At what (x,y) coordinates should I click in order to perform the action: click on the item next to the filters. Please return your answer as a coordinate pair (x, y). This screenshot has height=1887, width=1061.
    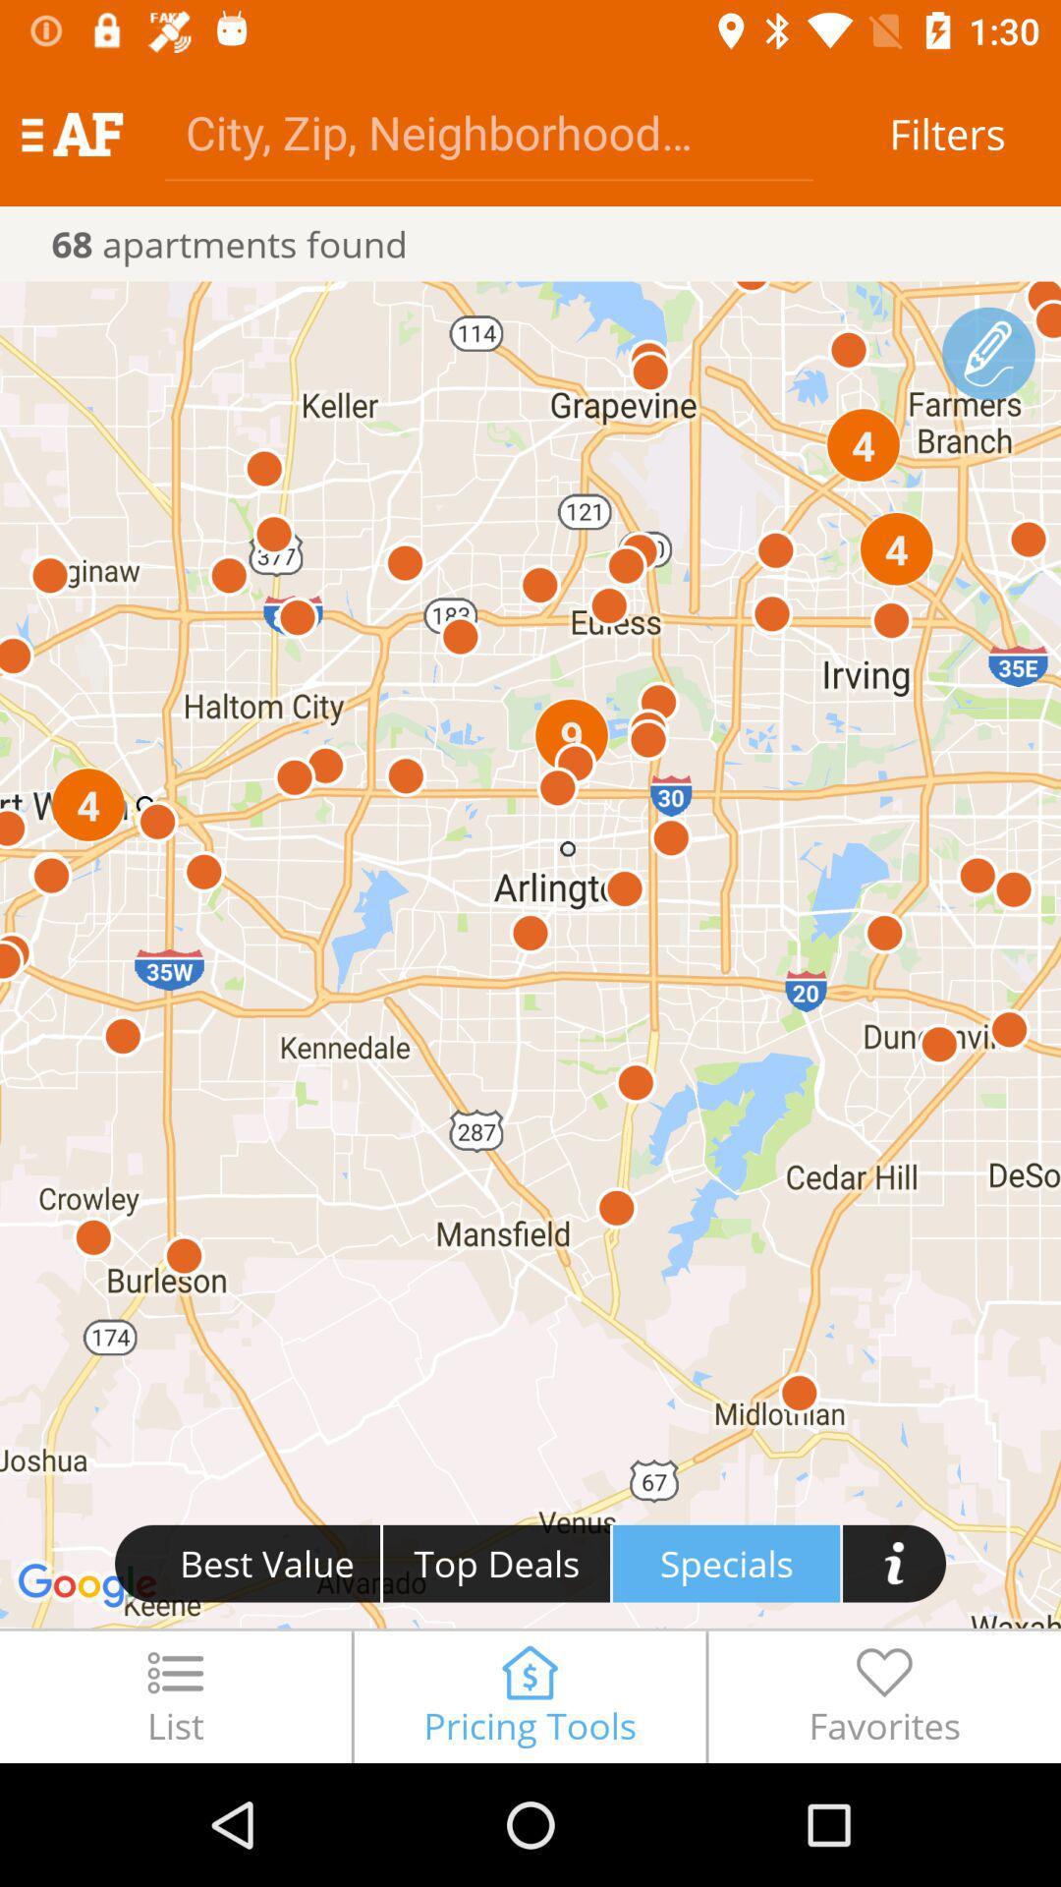
    Looking at the image, I should click on (487, 131).